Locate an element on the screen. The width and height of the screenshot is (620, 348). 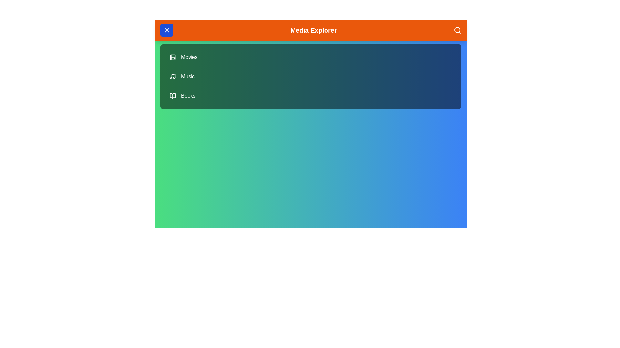
the menu item Music by clicking on it is located at coordinates (311, 76).